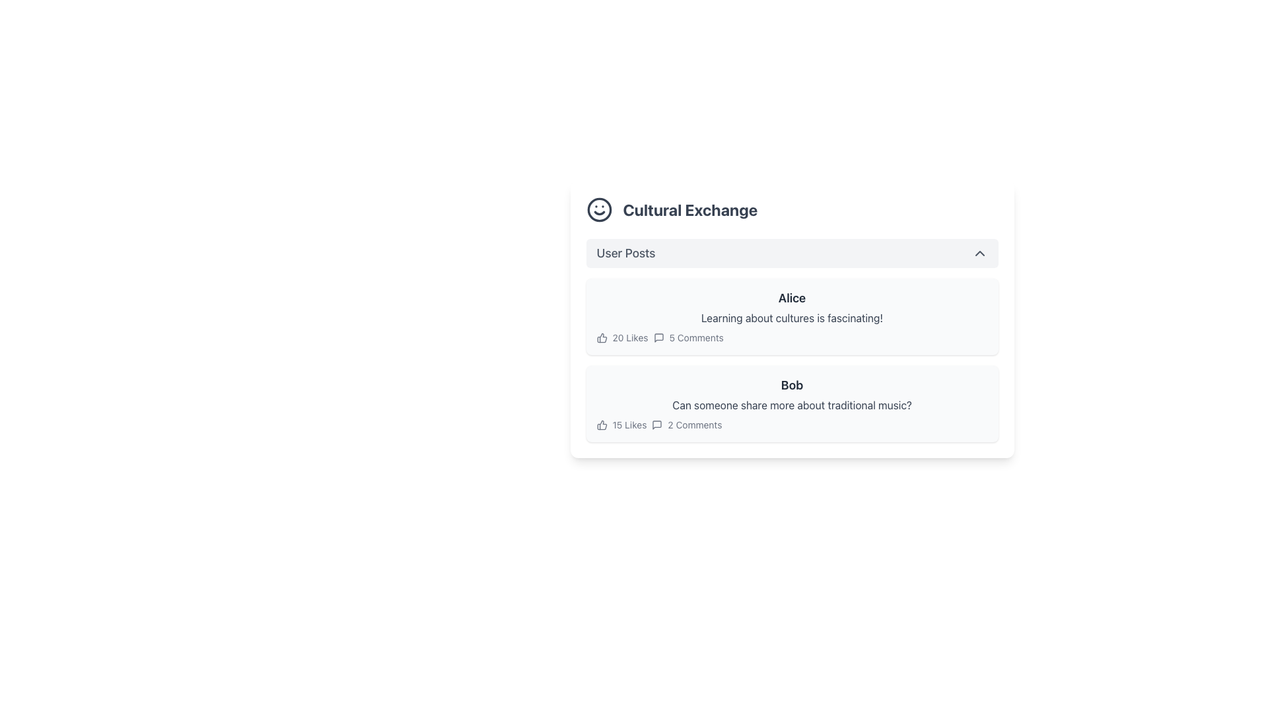 The width and height of the screenshot is (1268, 713). What do you see at coordinates (657, 425) in the screenshot?
I see `the speech bubble icon representing comments, located in the '15 Likes 2 Comments' section adjacent to the '2 Comments' text under Bob's post` at bounding box center [657, 425].